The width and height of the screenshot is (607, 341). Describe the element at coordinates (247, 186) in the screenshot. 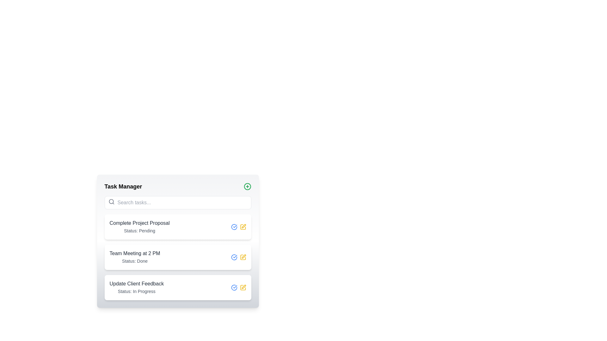

I see `the hollow outline of the green-stroked SVG Circle that forms the outer boundary of the plus icon located in the upper-right corner of the 'Task Manager' card` at that location.